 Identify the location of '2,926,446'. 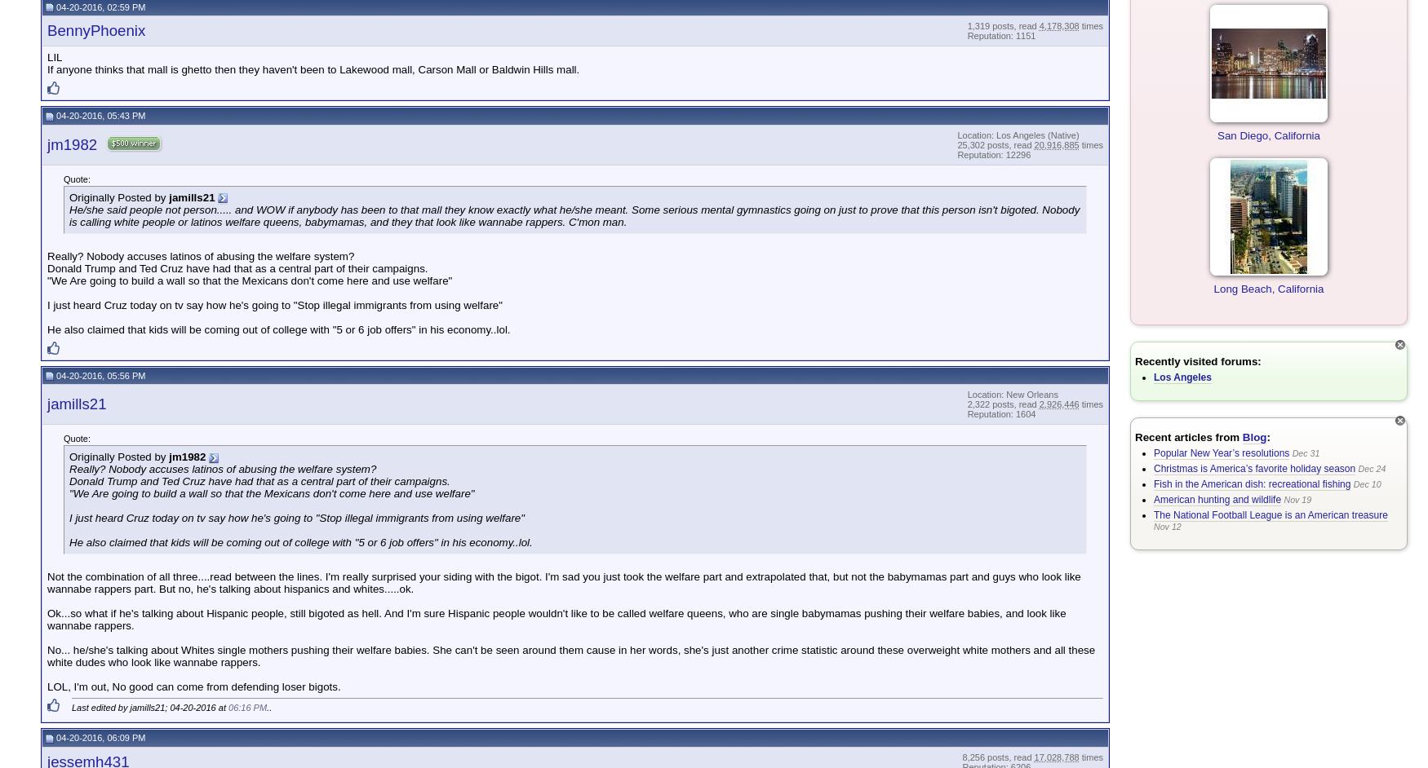
(1058, 404).